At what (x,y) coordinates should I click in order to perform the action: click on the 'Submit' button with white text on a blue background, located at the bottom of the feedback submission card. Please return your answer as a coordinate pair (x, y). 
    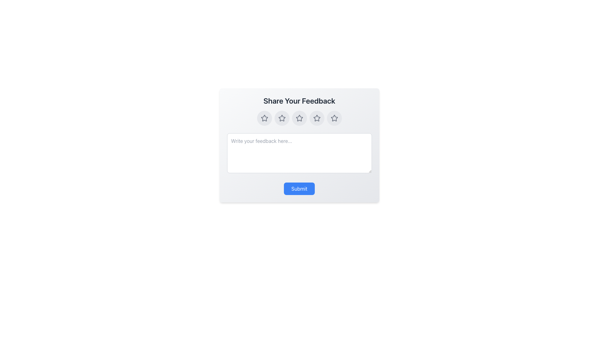
    Looking at the image, I should click on (299, 188).